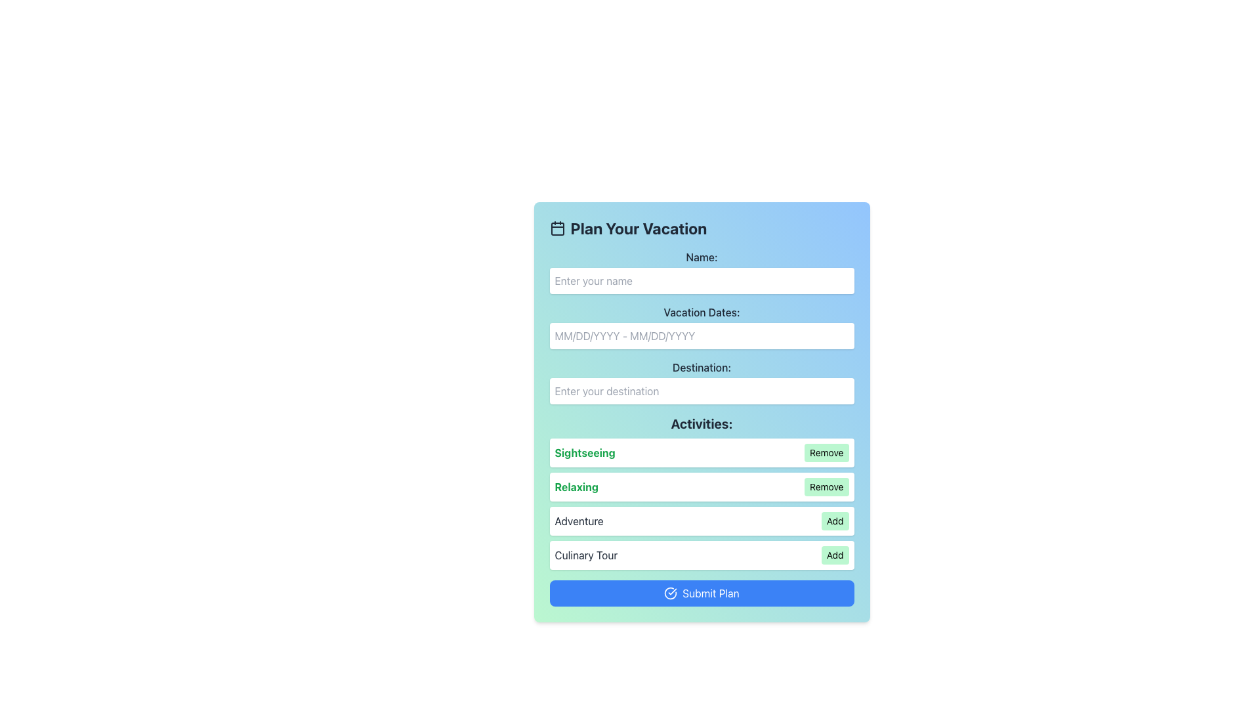 This screenshot has width=1260, height=709. What do you see at coordinates (671, 593) in the screenshot?
I see `the check mark icon within the 'Submit Plan' button located at the bottom of the form` at bounding box center [671, 593].